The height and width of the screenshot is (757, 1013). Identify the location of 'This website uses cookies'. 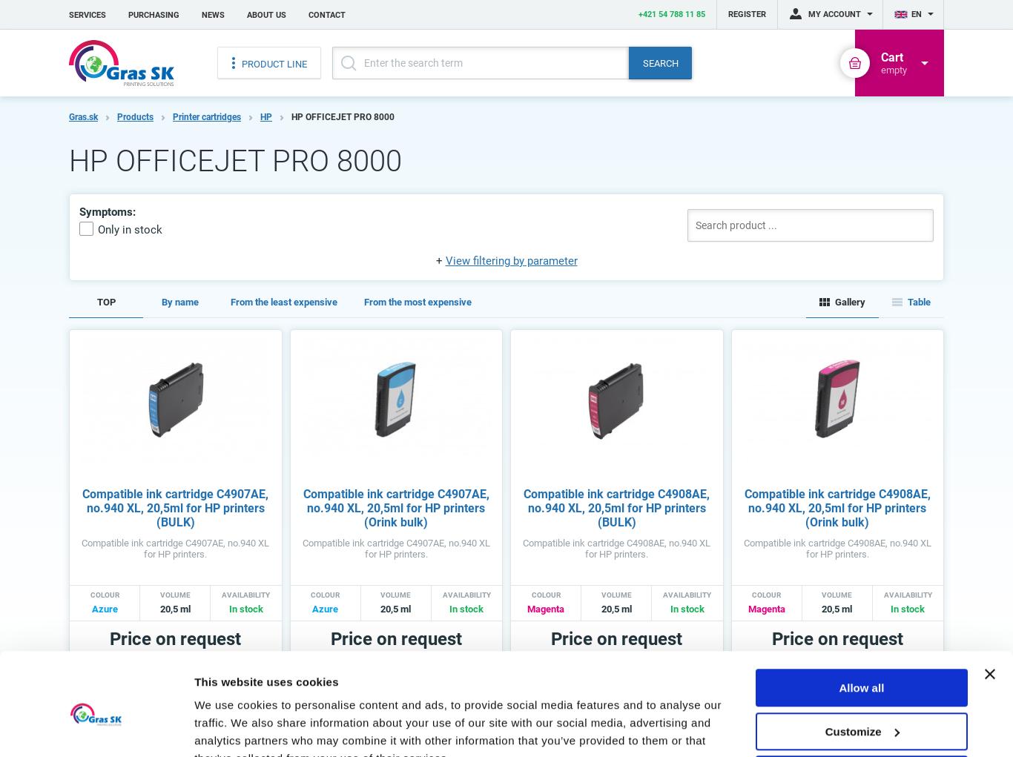
(194, 593).